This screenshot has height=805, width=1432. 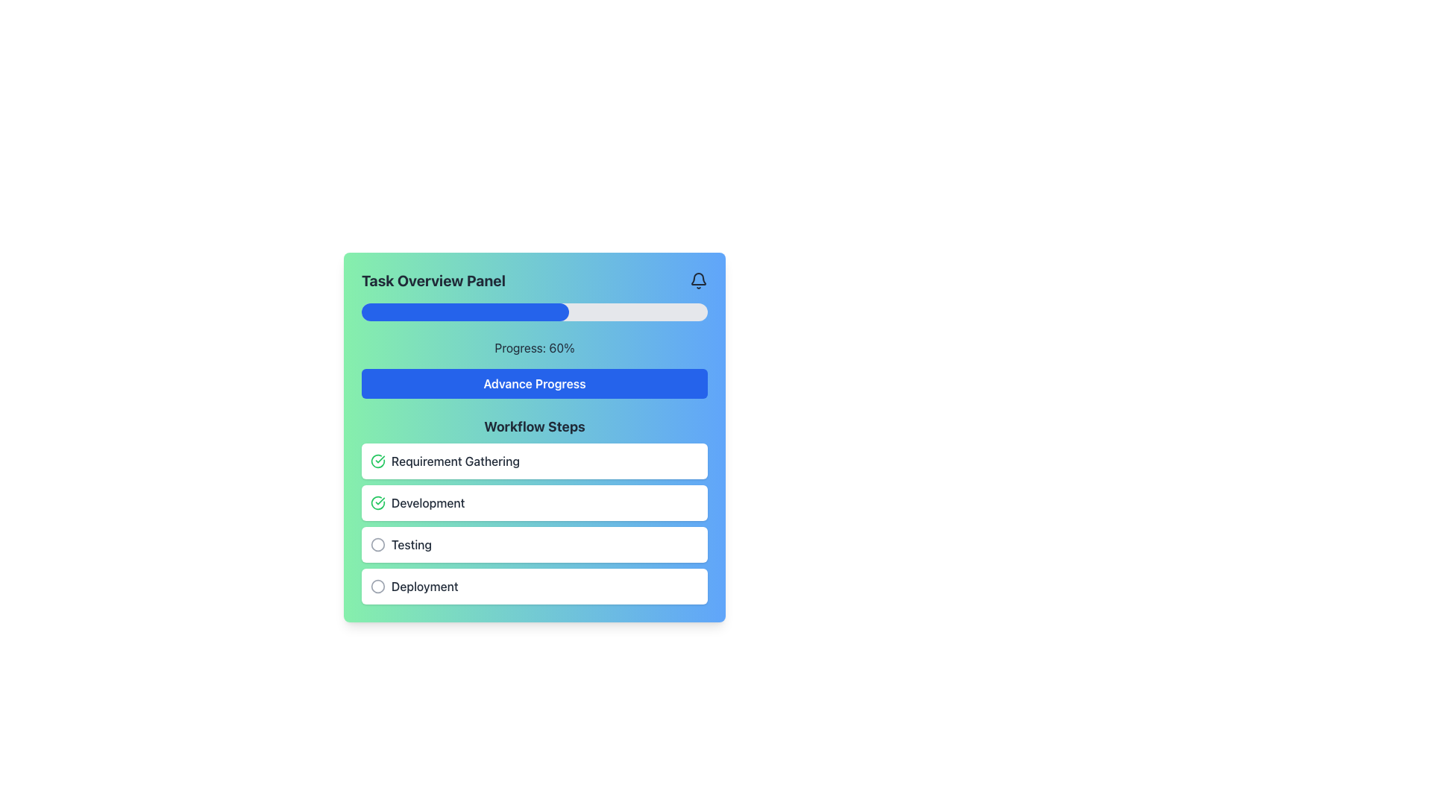 I want to click on the blue rectangular button labeled 'Advance Progress' located under the 'Progress: 60%' text to advance the task progress, so click(x=534, y=383).